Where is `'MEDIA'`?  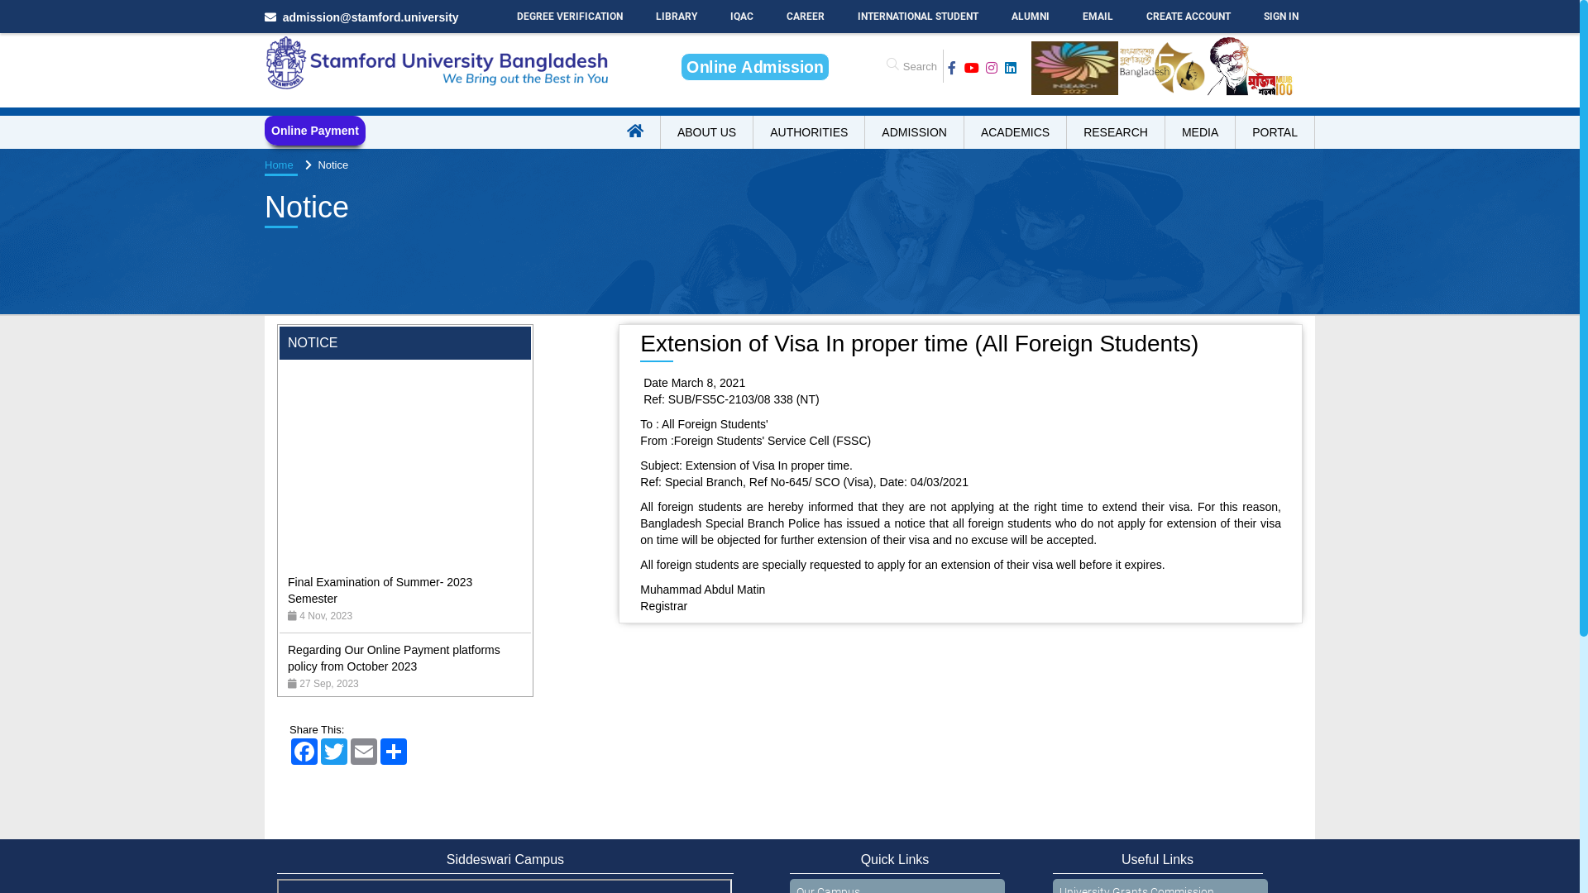
'MEDIA' is located at coordinates (1200, 131).